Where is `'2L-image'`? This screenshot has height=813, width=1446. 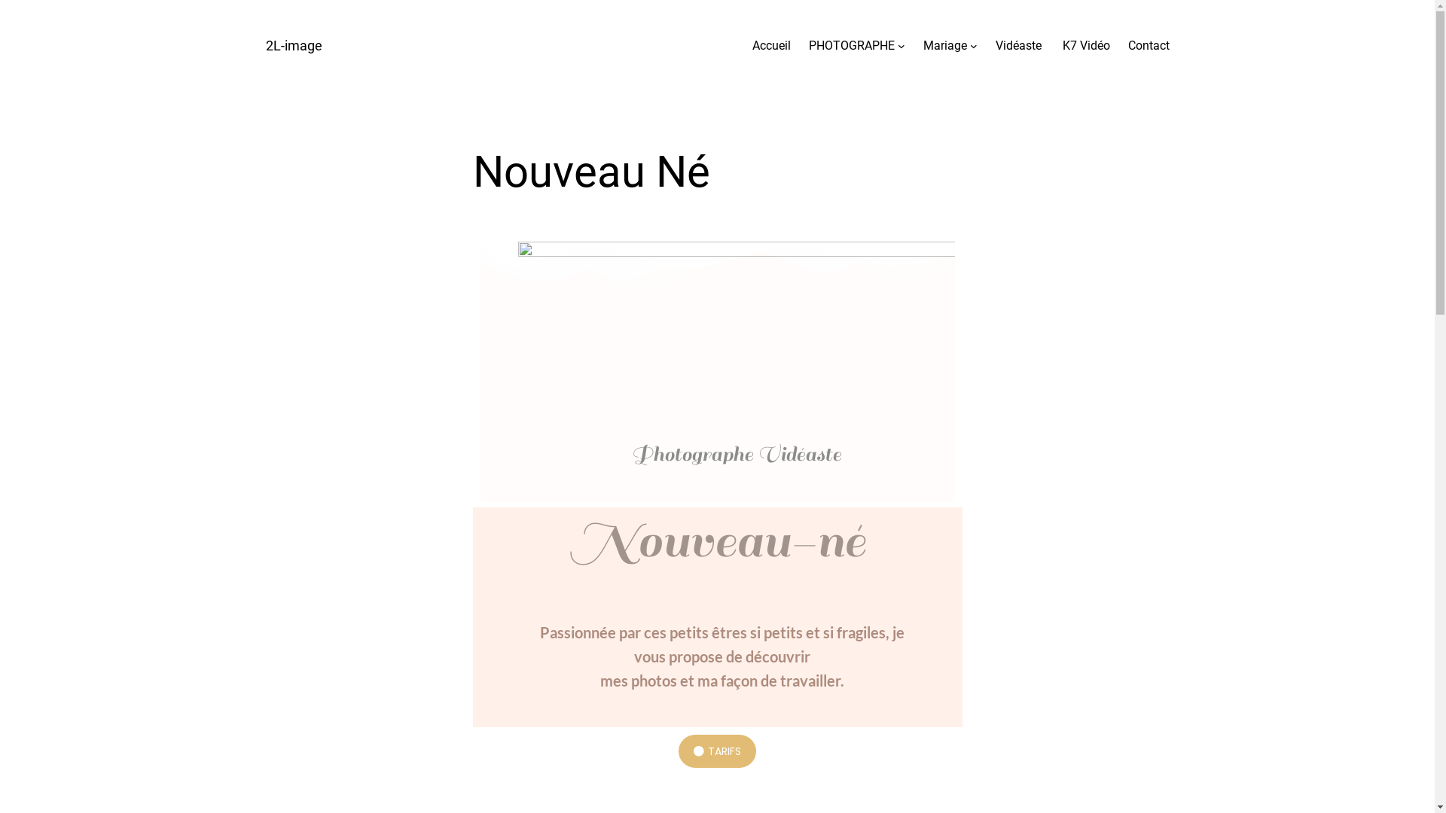 '2L-image' is located at coordinates (264, 44).